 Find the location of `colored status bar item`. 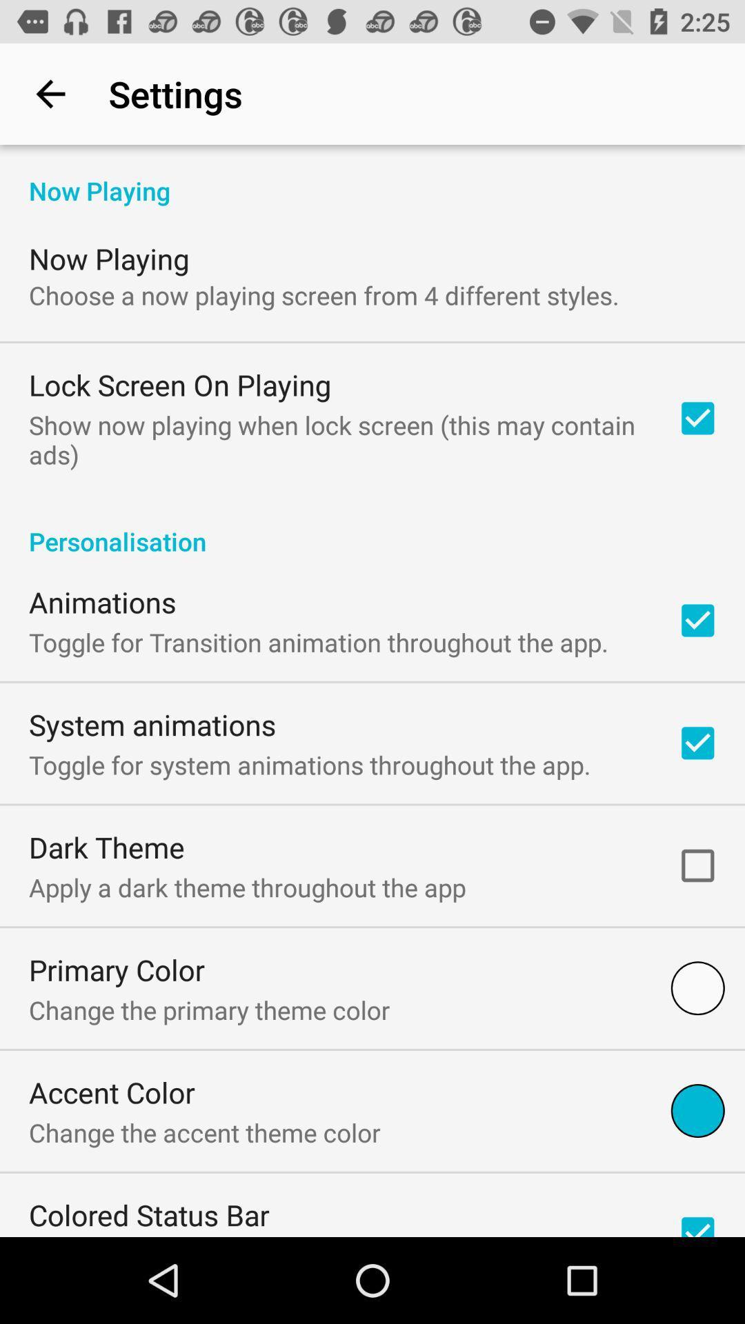

colored status bar item is located at coordinates (149, 1214).